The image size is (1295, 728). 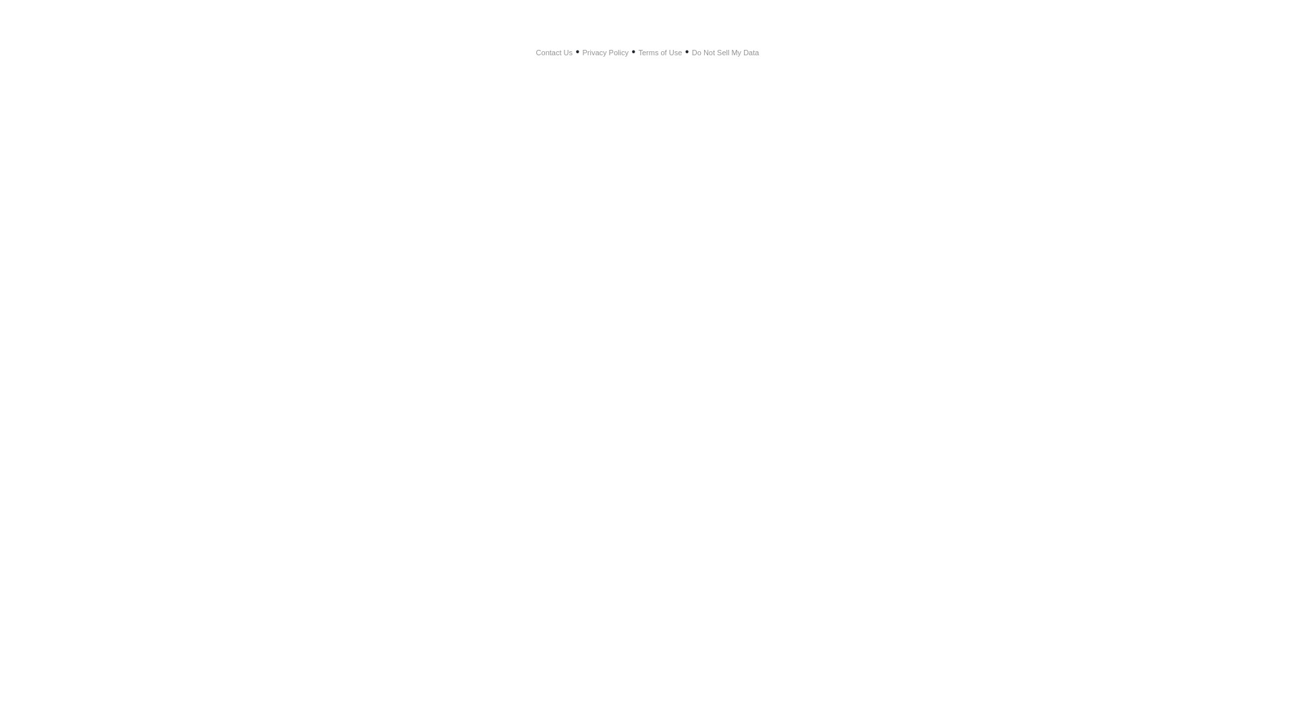 What do you see at coordinates (604, 51) in the screenshot?
I see `'Privacy Policy'` at bounding box center [604, 51].